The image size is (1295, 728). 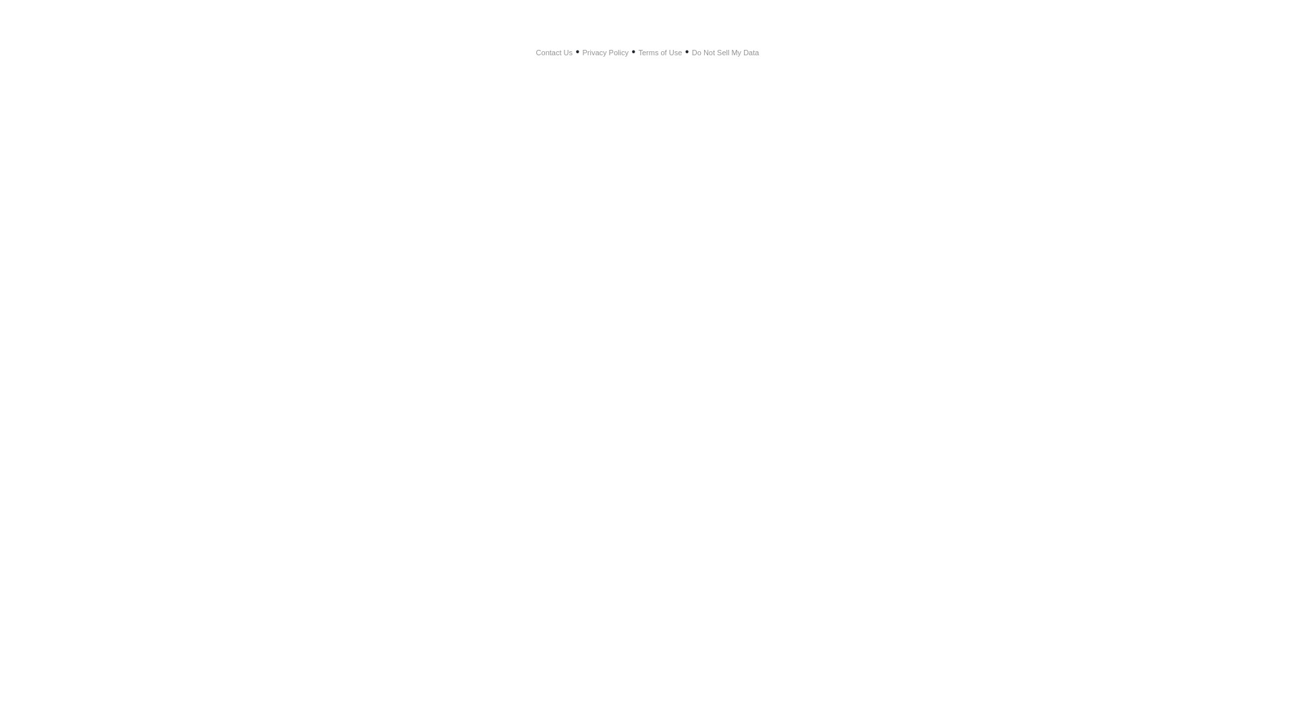 What do you see at coordinates (604, 51) in the screenshot?
I see `'Privacy Policy'` at bounding box center [604, 51].